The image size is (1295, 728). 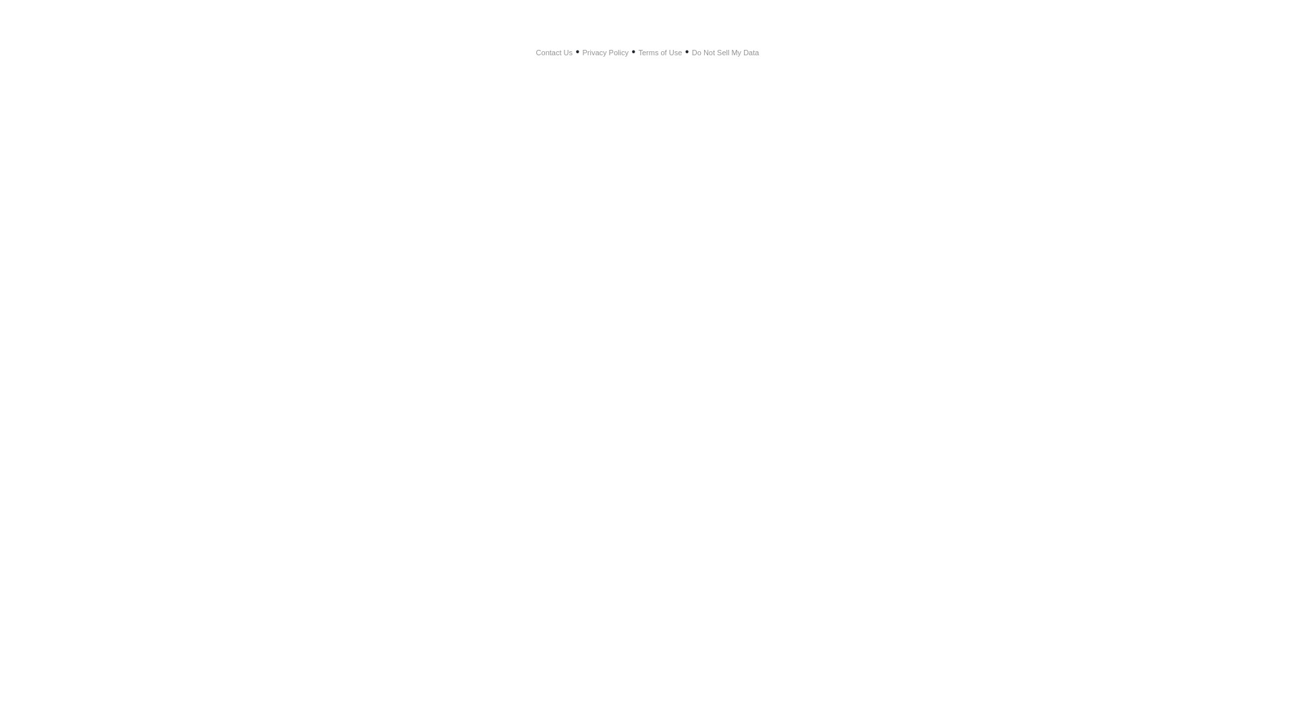 What do you see at coordinates (604, 51) in the screenshot?
I see `'Privacy Policy'` at bounding box center [604, 51].